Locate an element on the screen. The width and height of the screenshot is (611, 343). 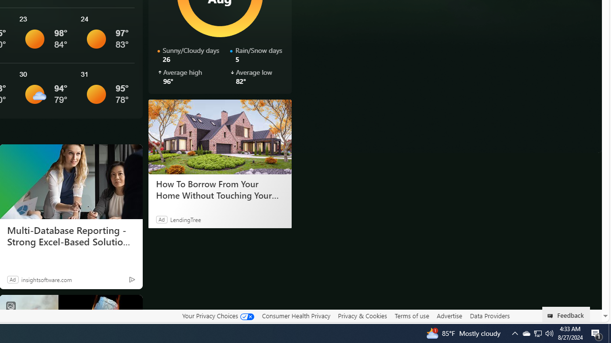
'insightsoftware.com' is located at coordinates (46, 279).